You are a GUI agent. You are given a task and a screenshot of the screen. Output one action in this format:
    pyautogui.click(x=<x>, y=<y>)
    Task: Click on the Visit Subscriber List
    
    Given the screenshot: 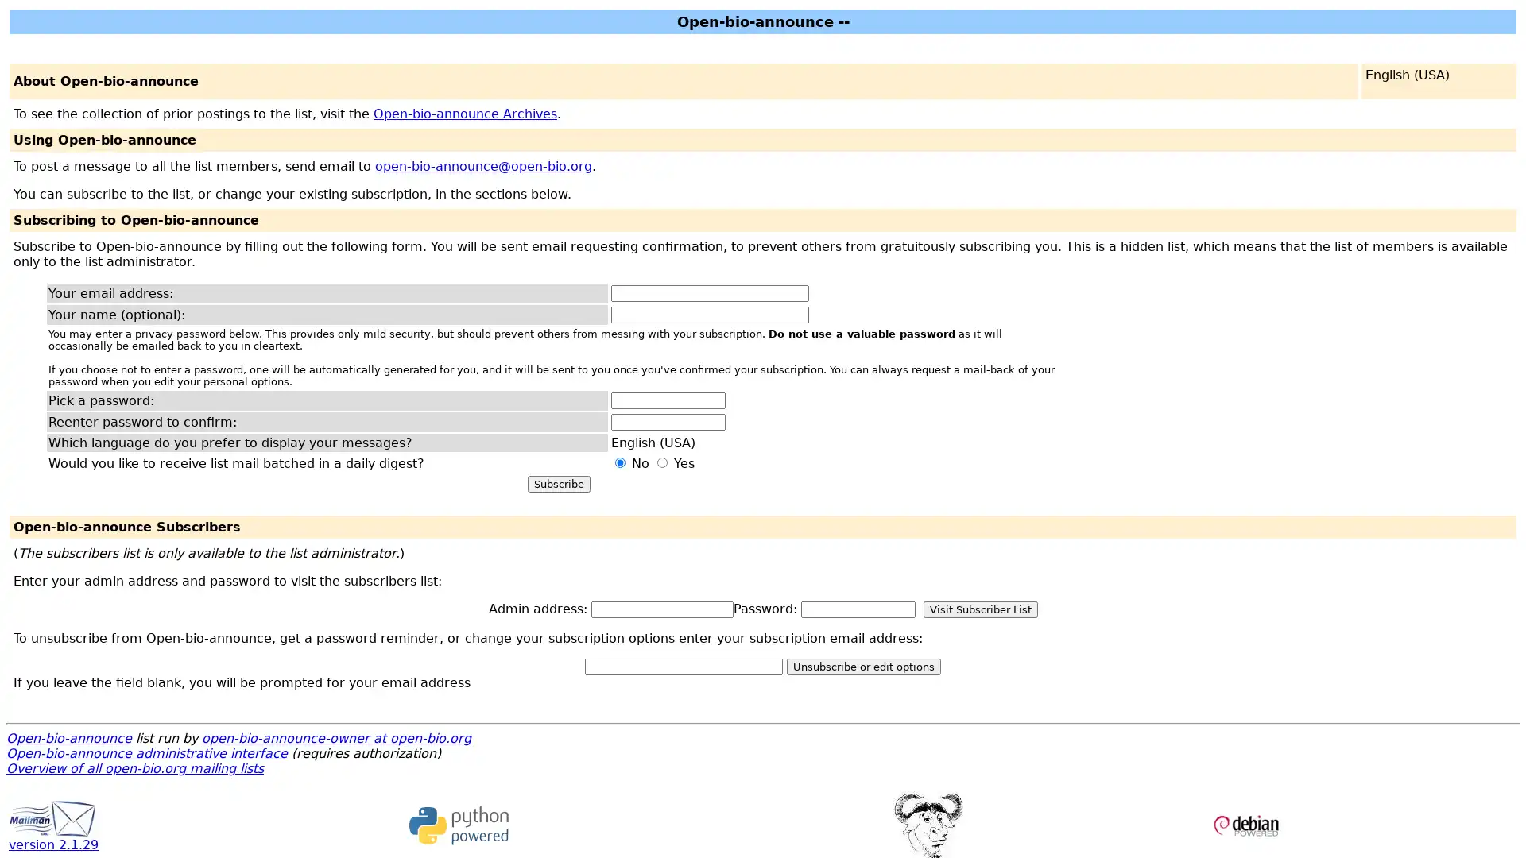 What is the action you would take?
    pyautogui.click(x=979, y=609)
    